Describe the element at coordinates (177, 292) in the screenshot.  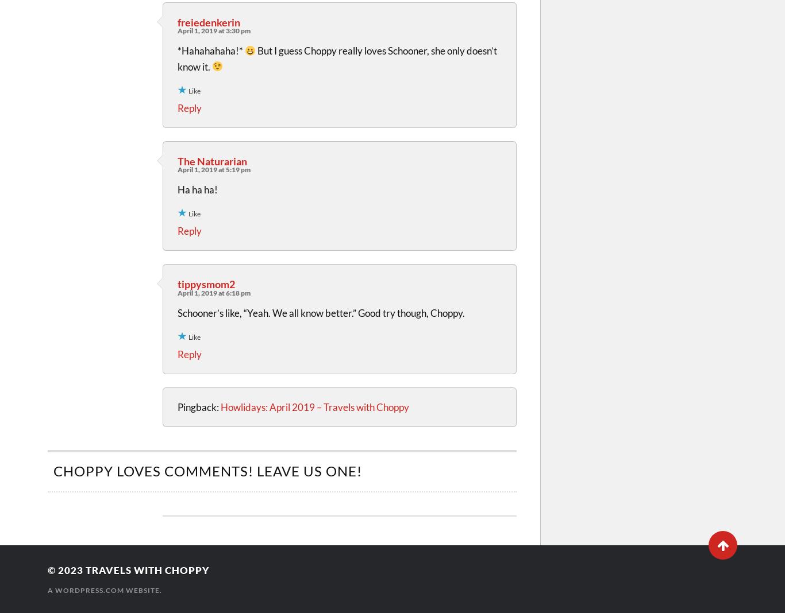
I see `'April 1, 2019 at 6:18 pm'` at that location.